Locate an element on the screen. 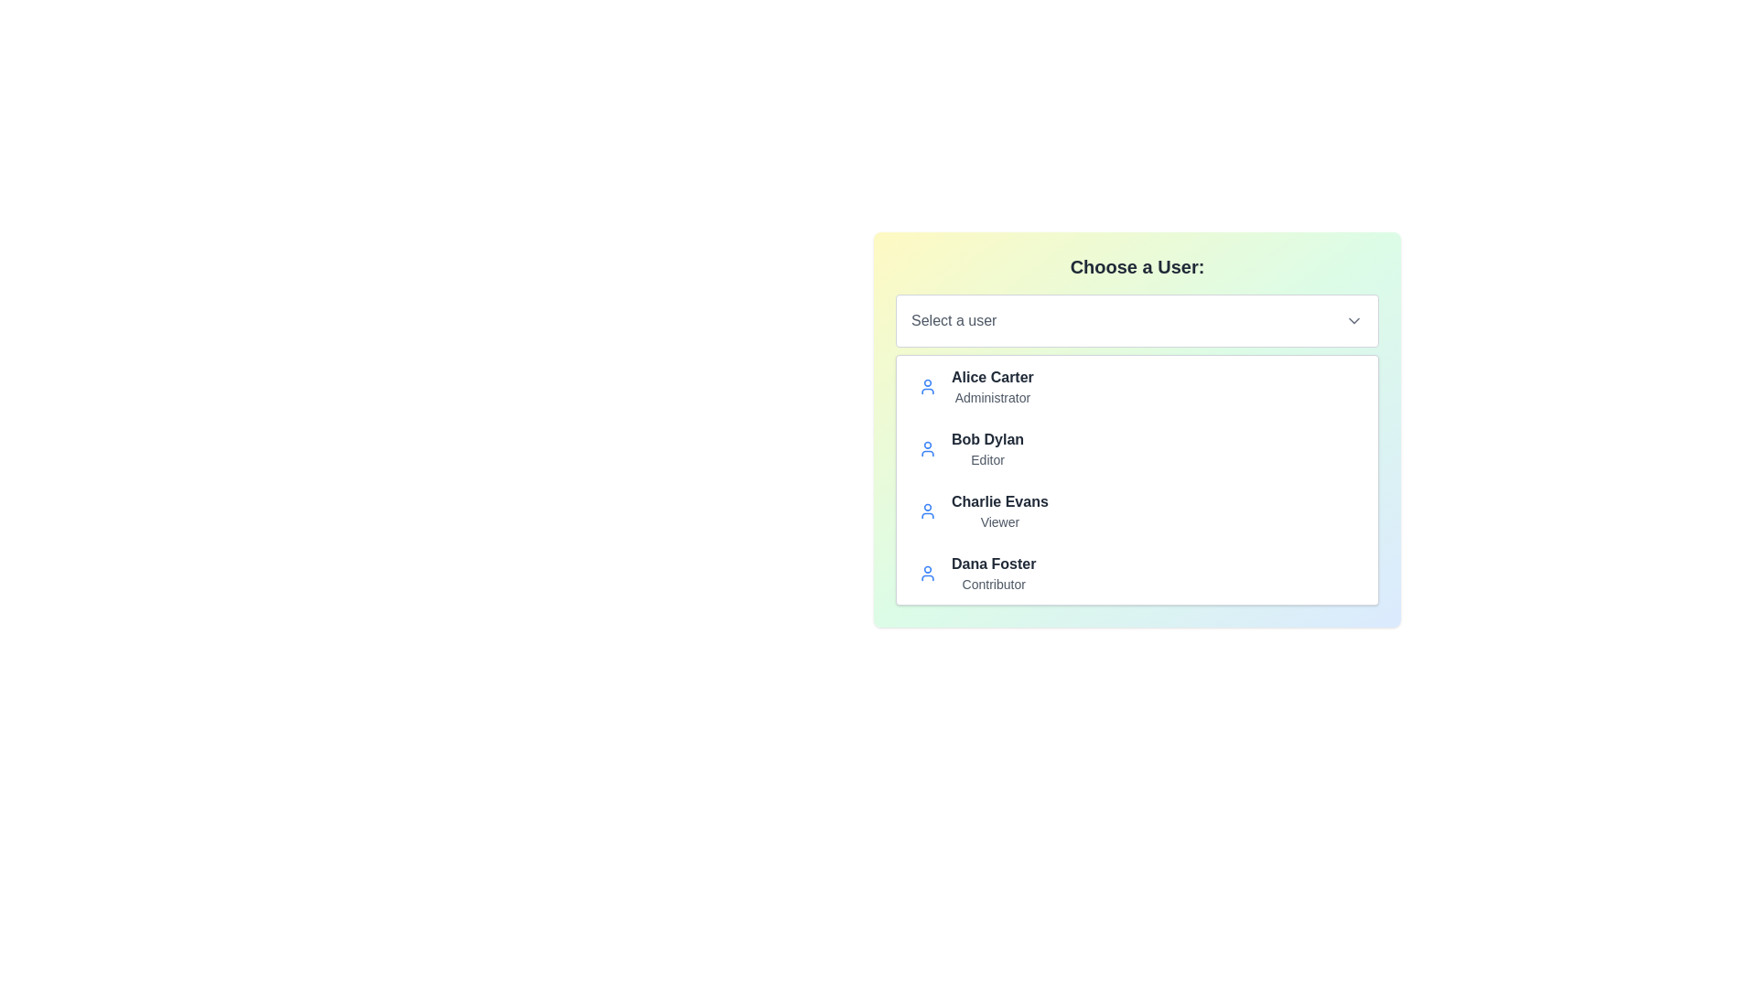 The height and width of the screenshot is (988, 1757). the user profile icon representing 'Alice Carter, Administrator', which is a blue silhouette icon positioned to the left of the text in the user selection dropdown is located at coordinates (927, 386).